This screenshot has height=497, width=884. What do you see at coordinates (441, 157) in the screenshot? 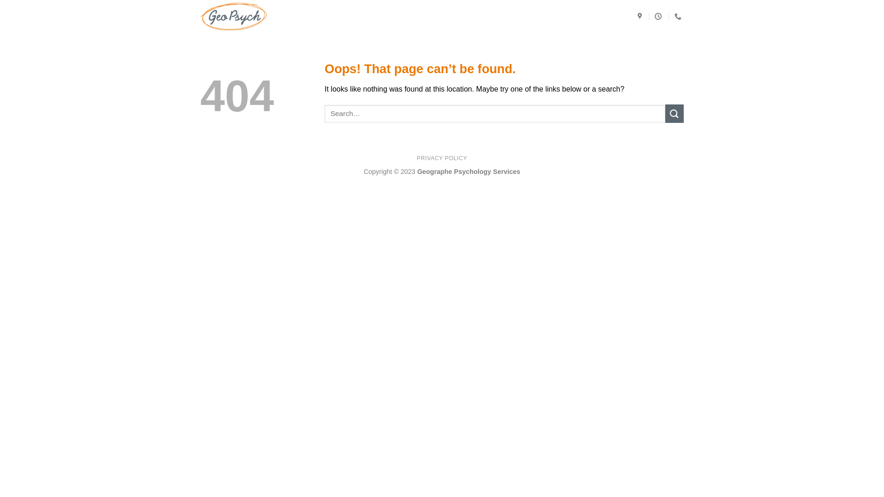
I see `'PRIVACY POLICY'` at bounding box center [441, 157].